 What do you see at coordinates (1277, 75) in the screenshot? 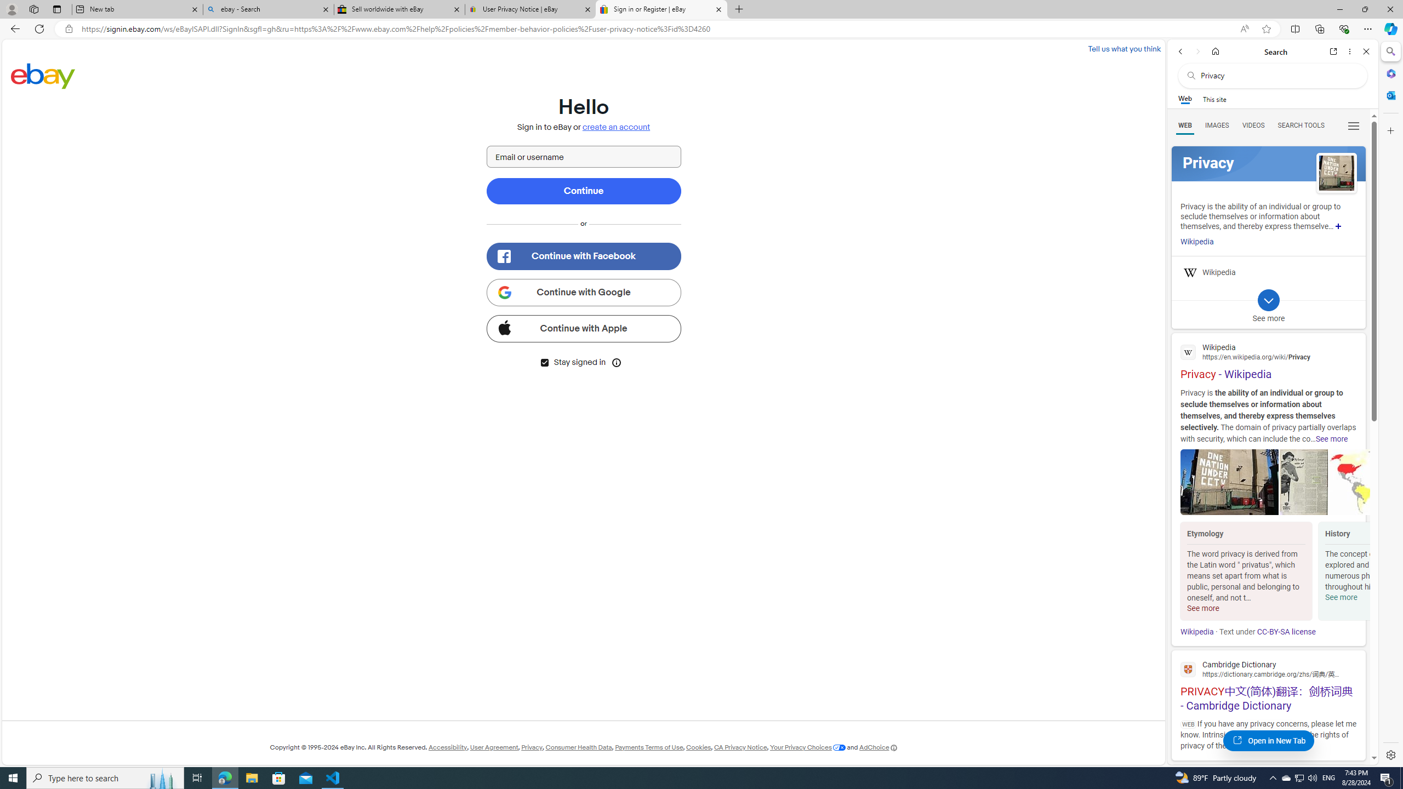
I see `'Search the web'` at bounding box center [1277, 75].